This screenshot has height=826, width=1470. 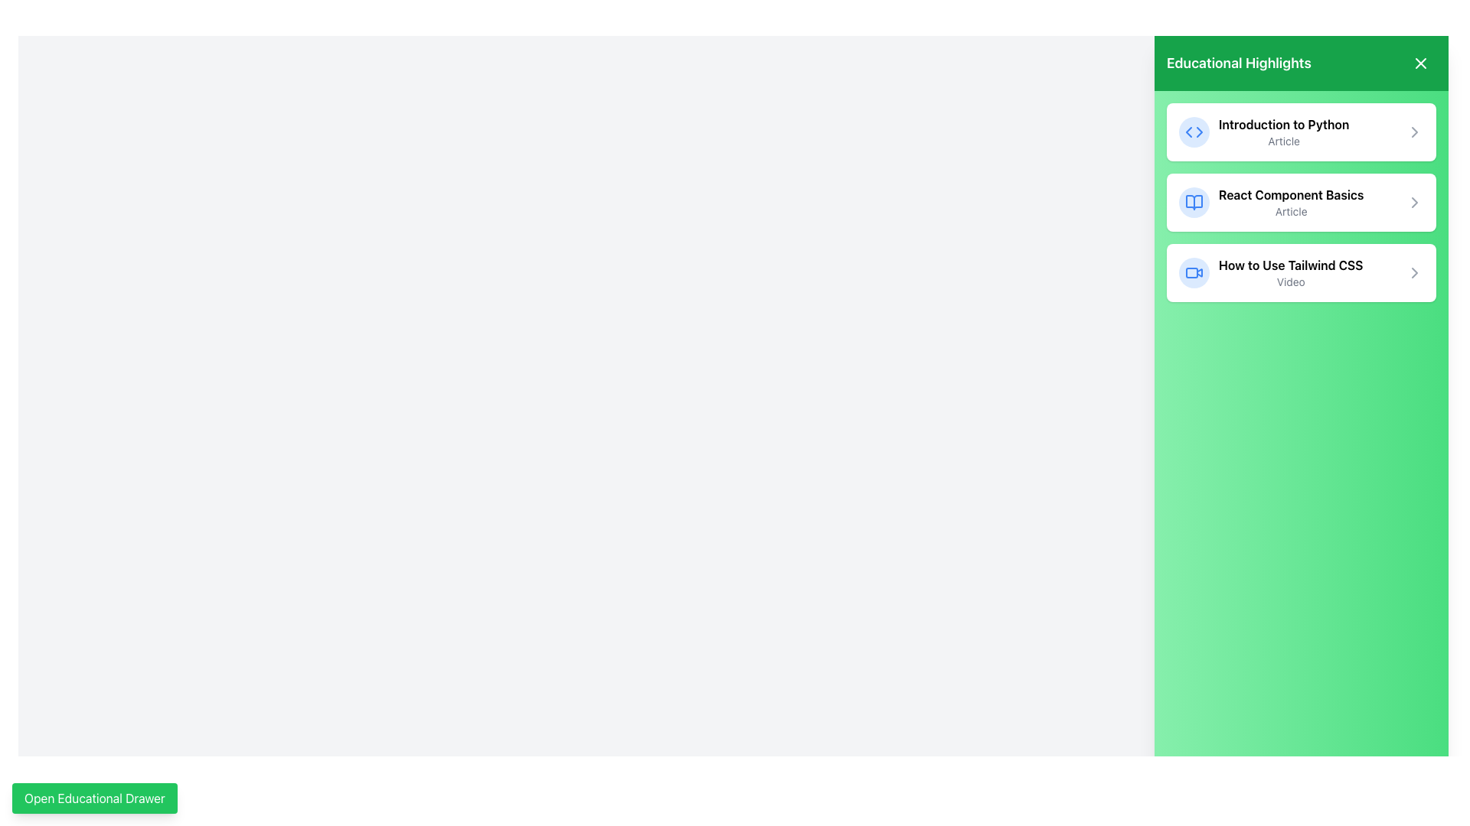 What do you see at coordinates (1194, 202) in the screenshot?
I see `the circular button with a light blue fill and a dark blue open book icon located to the left of the list item labeled 'React Component Basics'` at bounding box center [1194, 202].